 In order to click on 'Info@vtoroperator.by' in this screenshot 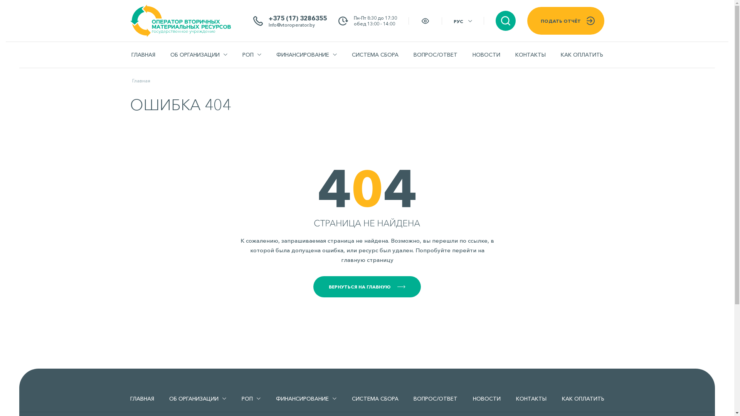, I will do `click(268, 24)`.